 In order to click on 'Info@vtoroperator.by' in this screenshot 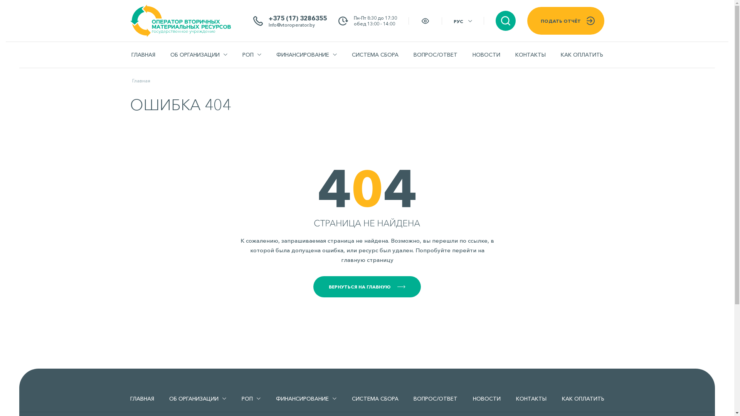, I will do `click(268, 24)`.